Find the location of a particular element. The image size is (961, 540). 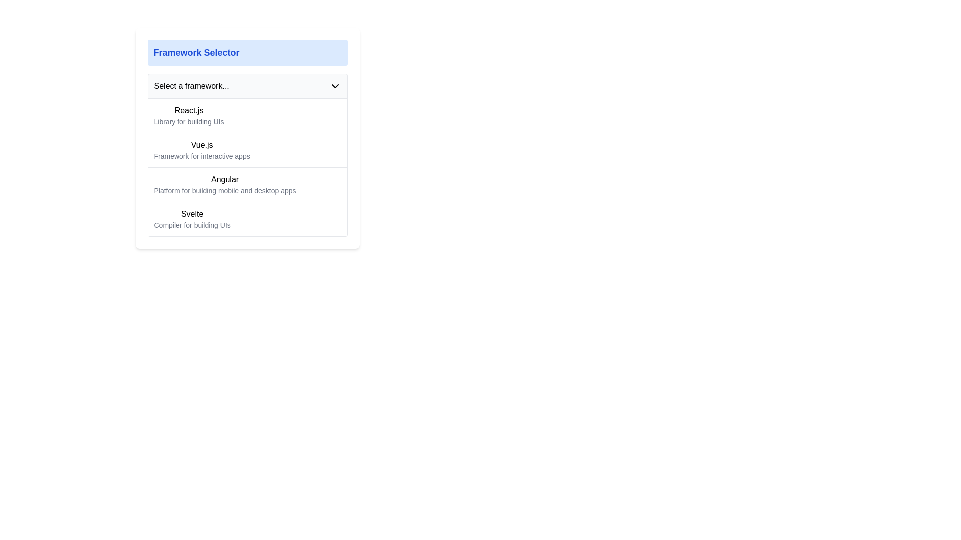

the 'Svelte' text label within the 'Framework Selector' dropdown menu is located at coordinates (192, 213).